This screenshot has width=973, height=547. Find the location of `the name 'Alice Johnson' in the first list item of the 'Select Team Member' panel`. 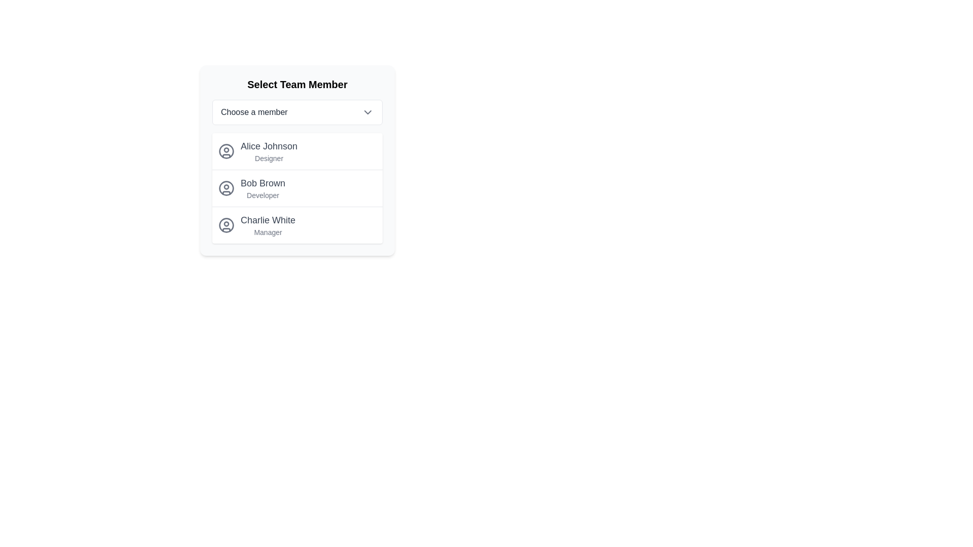

the name 'Alice Johnson' in the first list item of the 'Select Team Member' panel is located at coordinates (296, 151).